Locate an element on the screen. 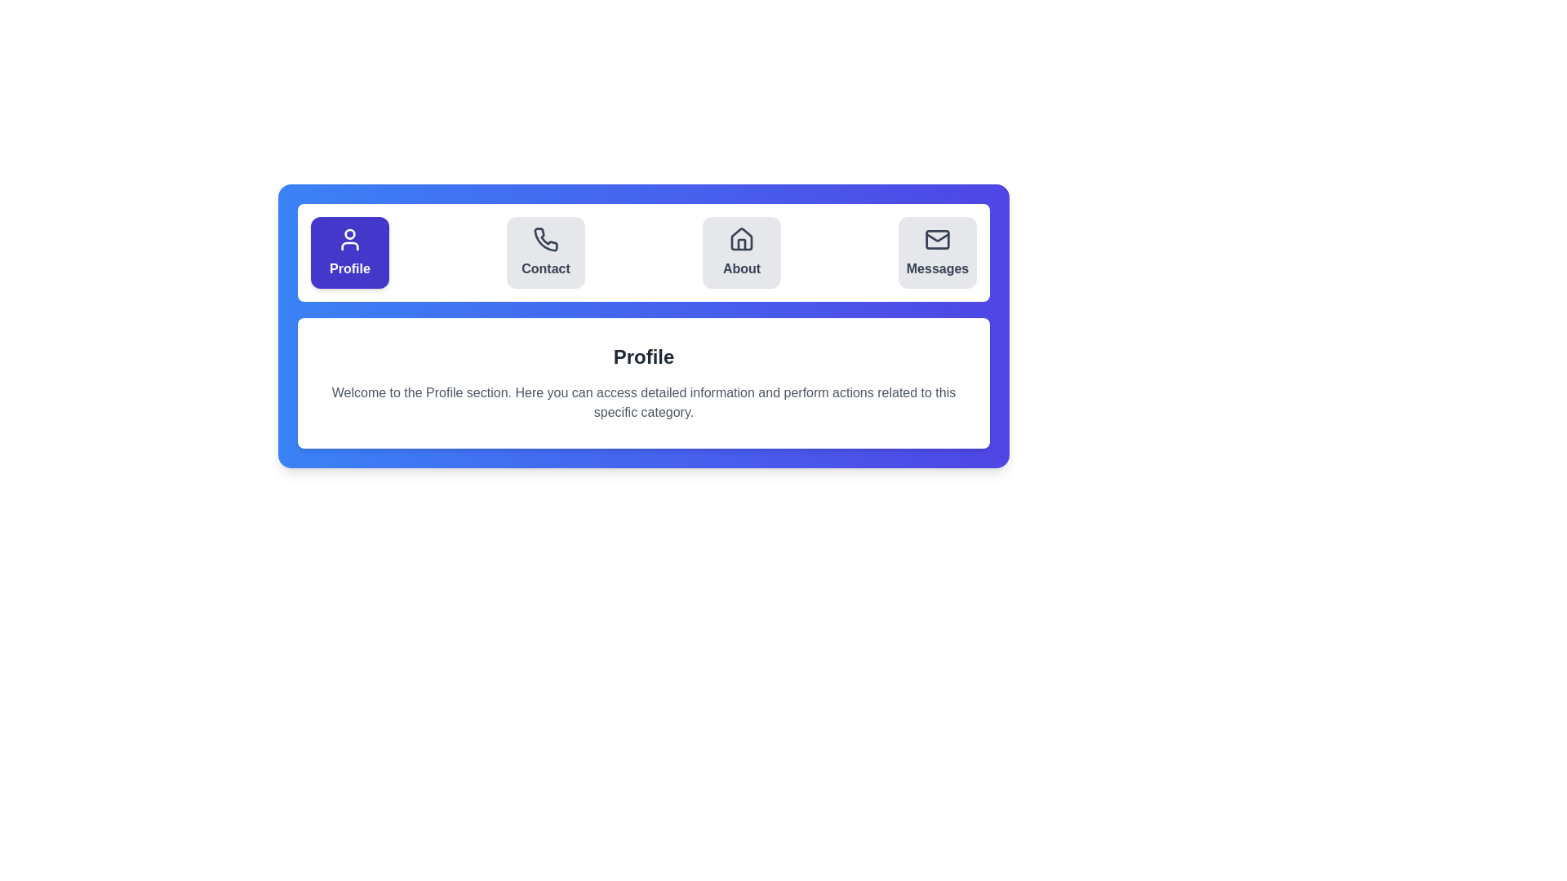 The width and height of the screenshot is (1567, 881). the About tab by clicking its button is located at coordinates (740, 252).